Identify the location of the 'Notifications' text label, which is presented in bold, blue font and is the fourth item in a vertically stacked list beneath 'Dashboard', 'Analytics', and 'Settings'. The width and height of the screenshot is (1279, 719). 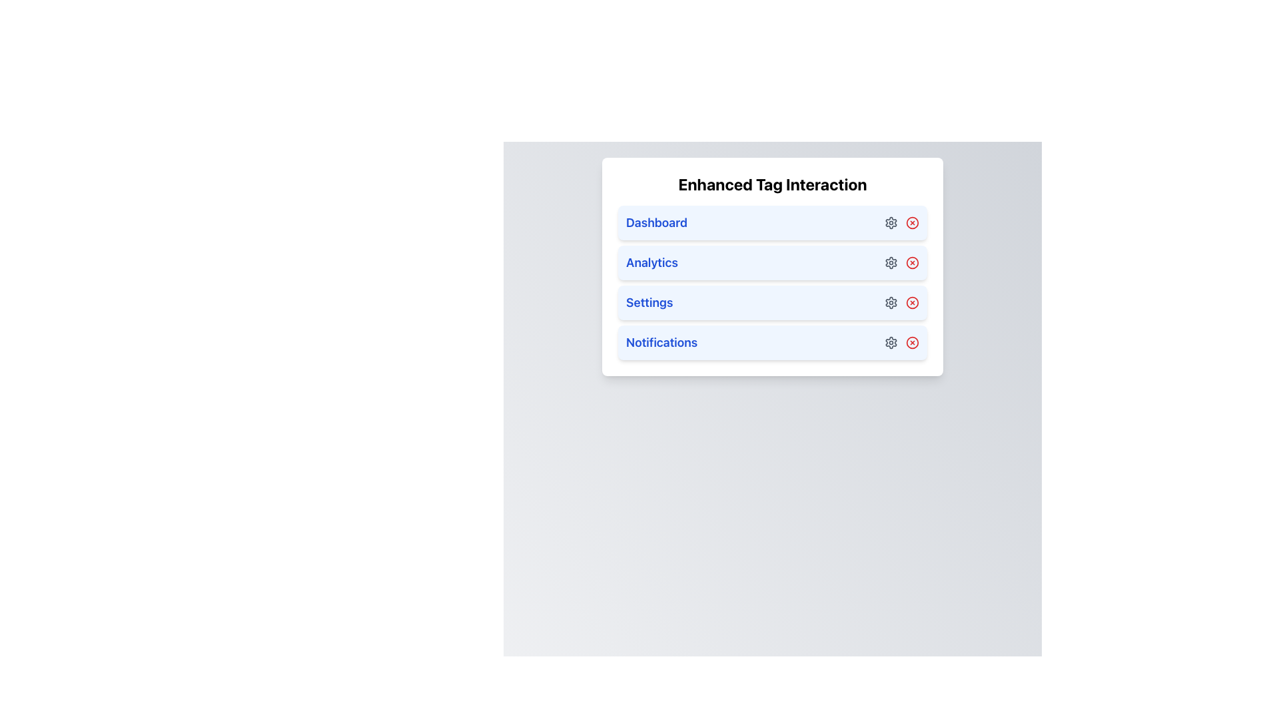
(661, 342).